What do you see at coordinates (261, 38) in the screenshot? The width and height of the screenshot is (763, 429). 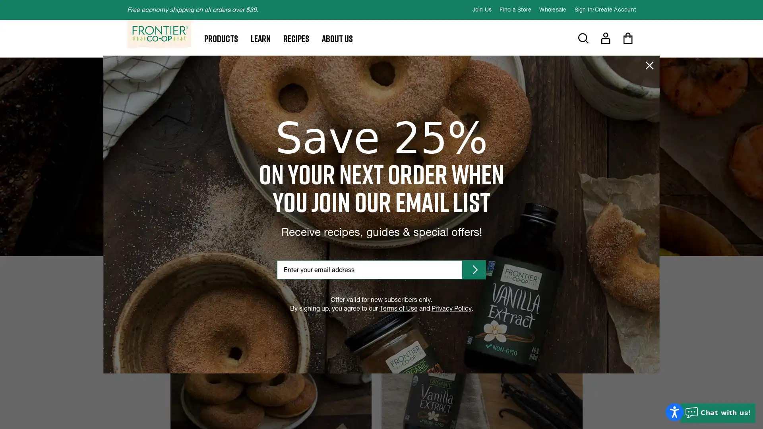 I see `Learn` at bounding box center [261, 38].